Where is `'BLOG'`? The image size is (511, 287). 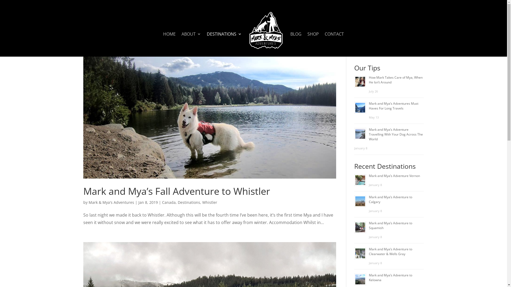
'BLOG' is located at coordinates (296, 44).